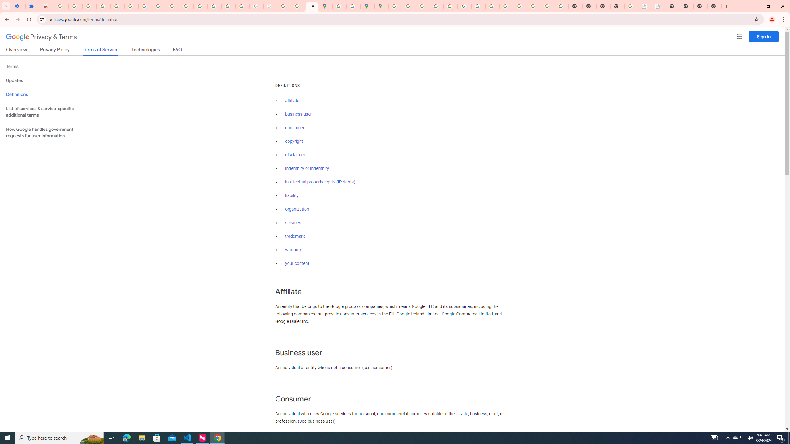 This screenshot has width=790, height=444. What do you see at coordinates (422, 6) in the screenshot?
I see `'Privacy Help Center - Policies Help'` at bounding box center [422, 6].